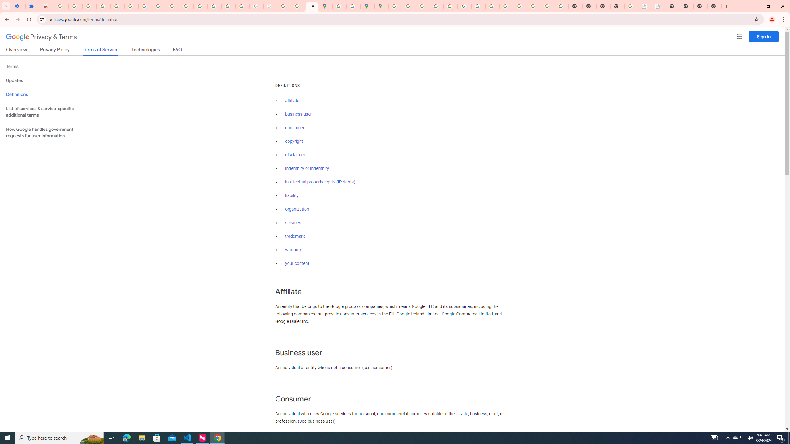 This screenshot has width=790, height=444. What do you see at coordinates (422, 6) in the screenshot?
I see `'Privacy Help Center - Policies Help'` at bounding box center [422, 6].